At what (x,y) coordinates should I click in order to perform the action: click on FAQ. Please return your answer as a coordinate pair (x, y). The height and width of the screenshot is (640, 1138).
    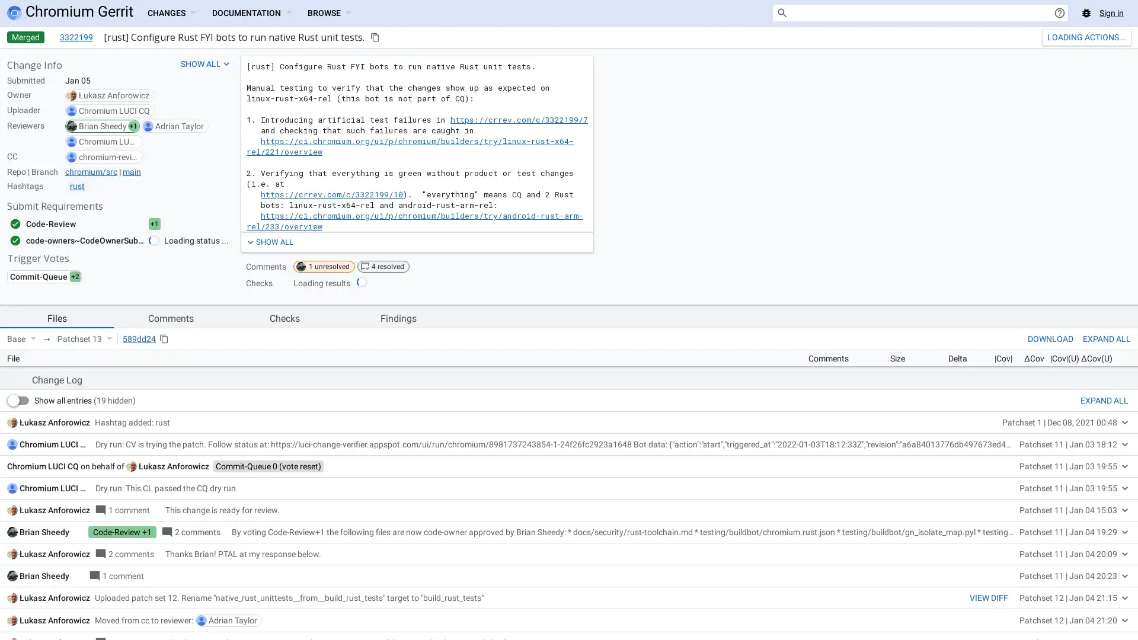
    Looking at the image, I should click on (1070, 516).